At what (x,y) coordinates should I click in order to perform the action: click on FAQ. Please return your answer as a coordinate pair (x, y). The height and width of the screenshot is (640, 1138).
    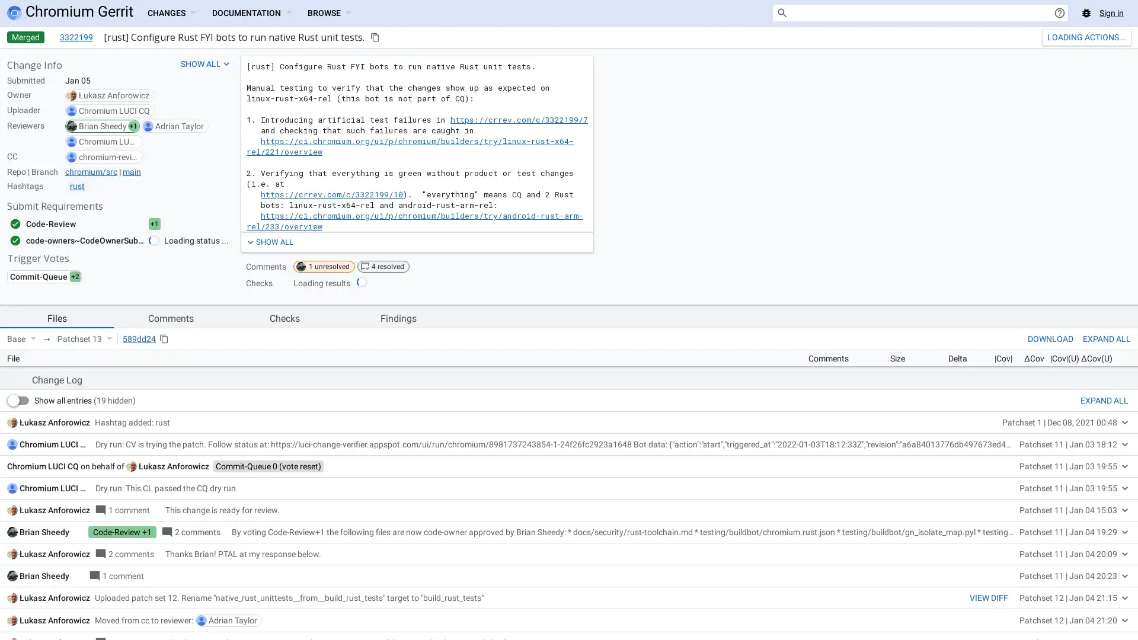
    Looking at the image, I should click on (1070, 516).